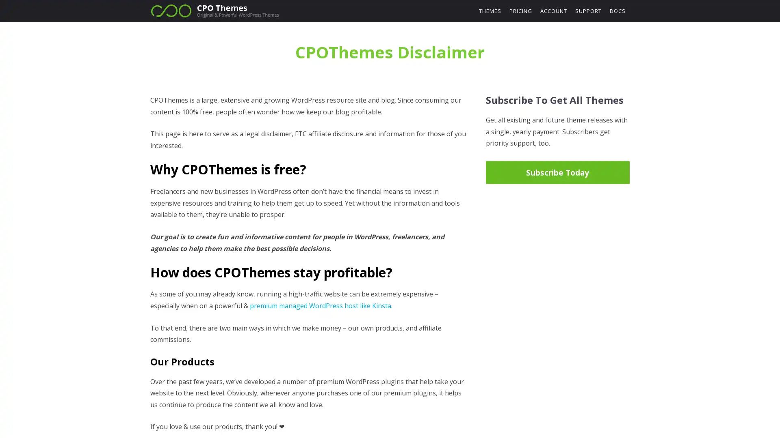 This screenshot has height=438, width=780. Describe the element at coordinates (557, 172) in the screenshot. I see `Subscribe Today` at that location.